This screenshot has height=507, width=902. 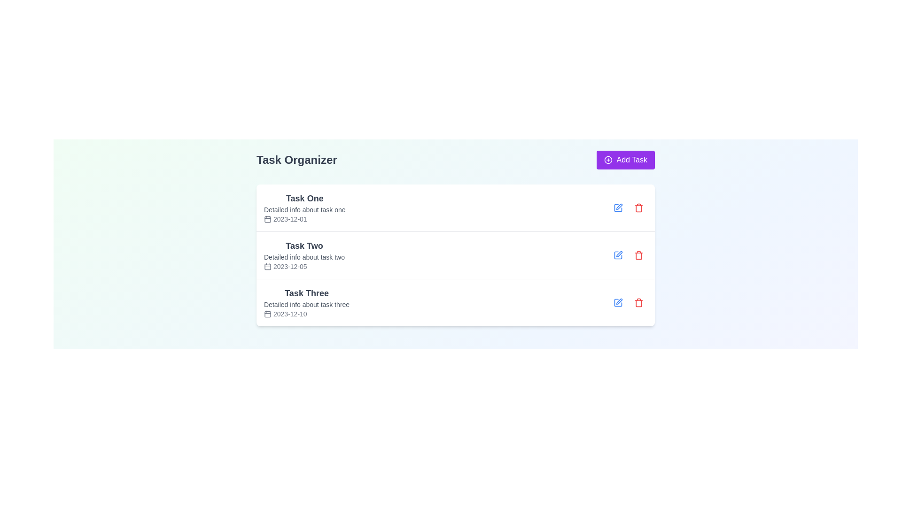 What do you see at coordinates (638, 255) in the screenshot?
I see `the trash can icon, which is styled in red and located in the top-right corner of the second task card` at bounding box center [638, 255].